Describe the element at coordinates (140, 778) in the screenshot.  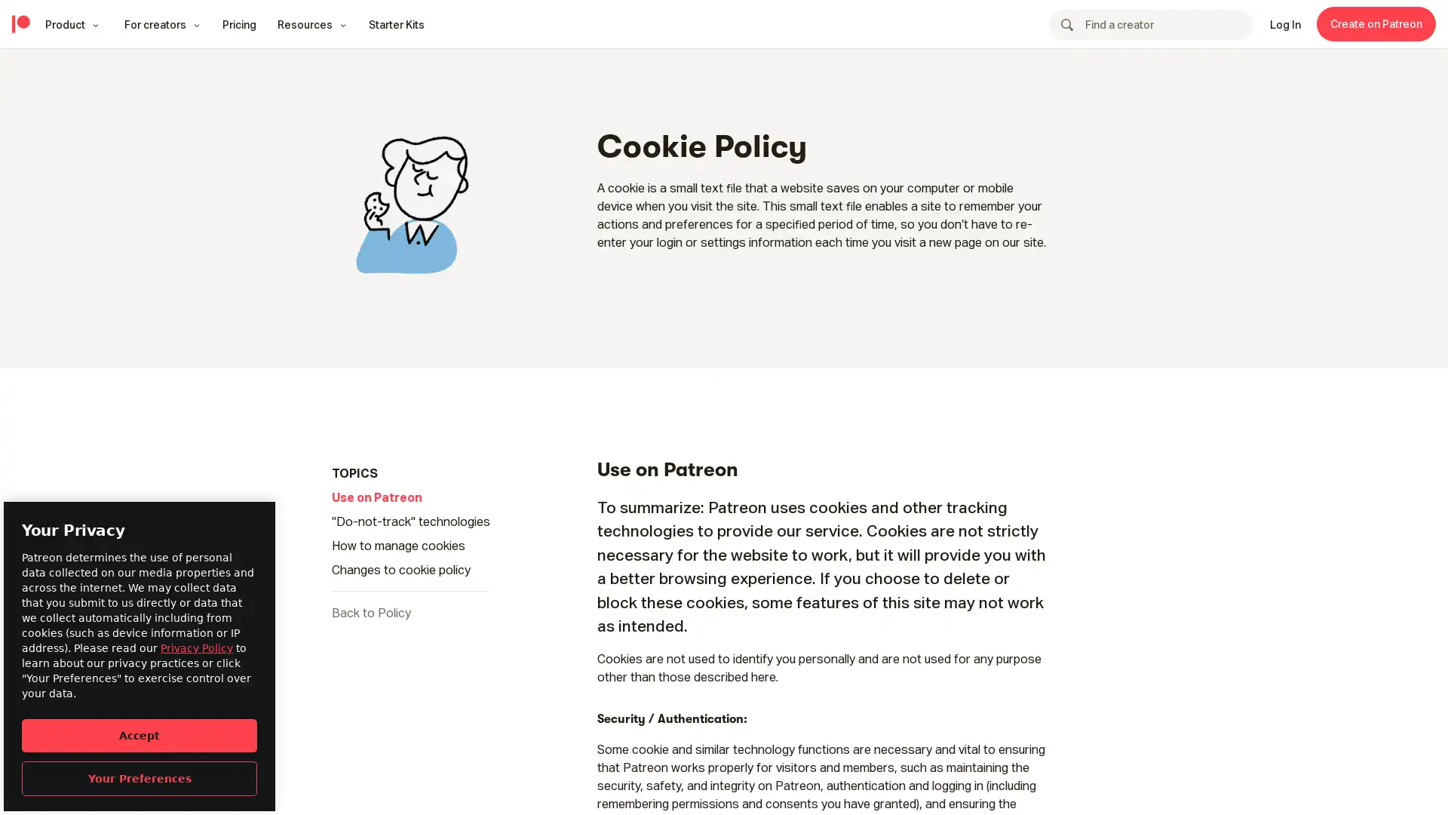
I see `Your Preferences` at that location.